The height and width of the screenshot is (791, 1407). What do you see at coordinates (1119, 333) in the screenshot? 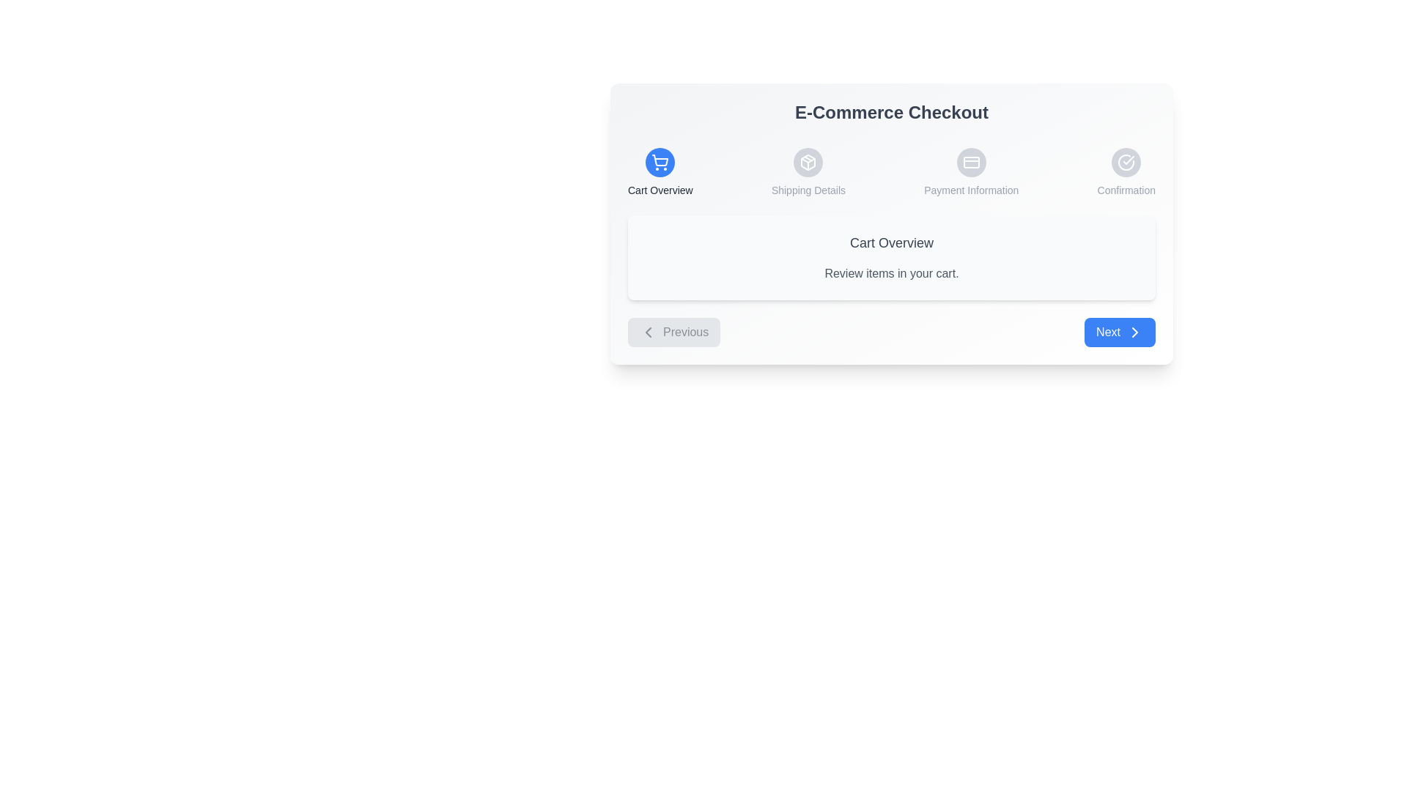
I see `the 'Next' button located at the bottom right corner of the interface` at bounding box center [1119, 333].